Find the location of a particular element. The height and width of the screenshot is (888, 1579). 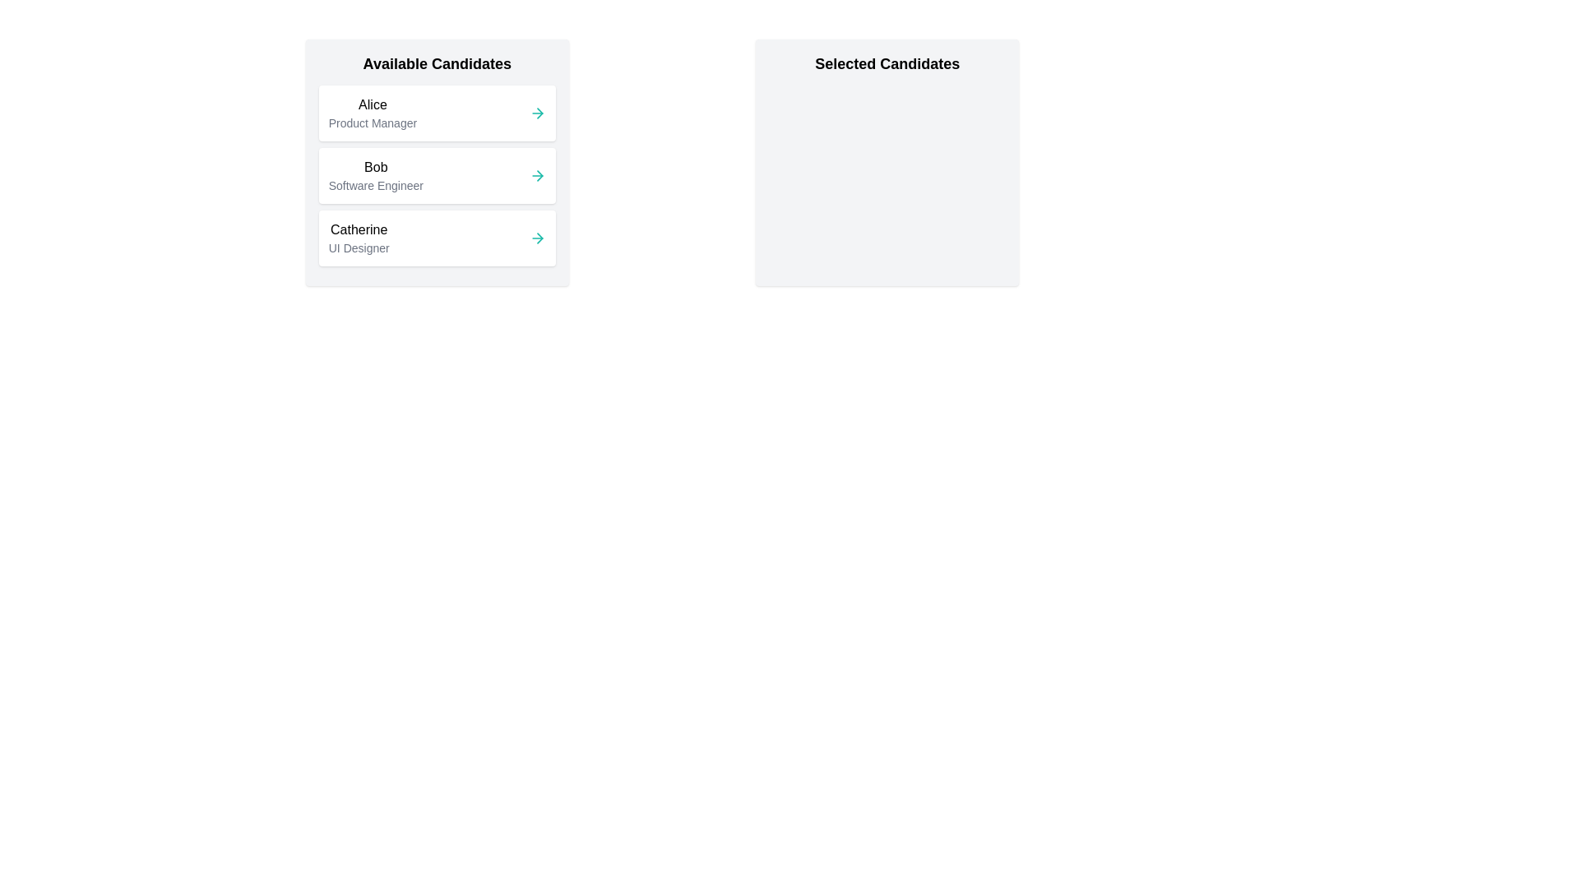

right arrow button next to the candidate Bob to select them is located at coordinates (537, 175).